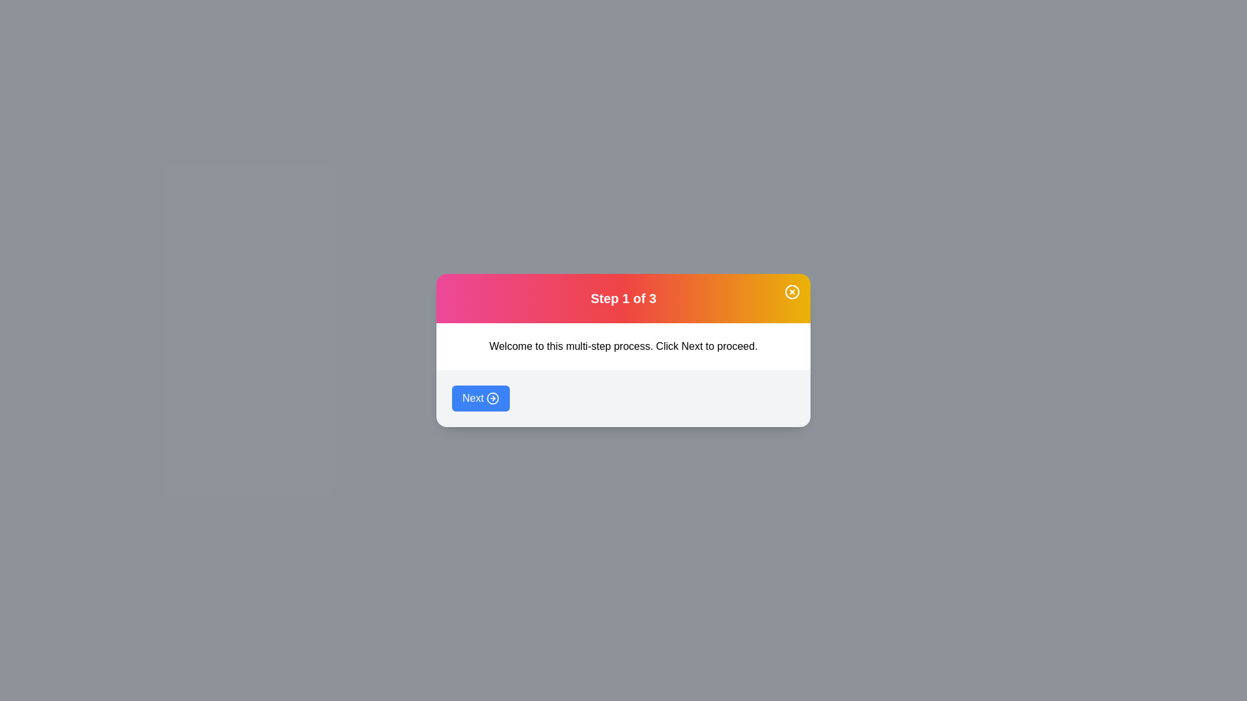 This screenshot has width=1247, height=701. Describe the element at coordinates (479, 397) in the screenshot. I see `the 'Next' button to proceed to the next step` at that location.